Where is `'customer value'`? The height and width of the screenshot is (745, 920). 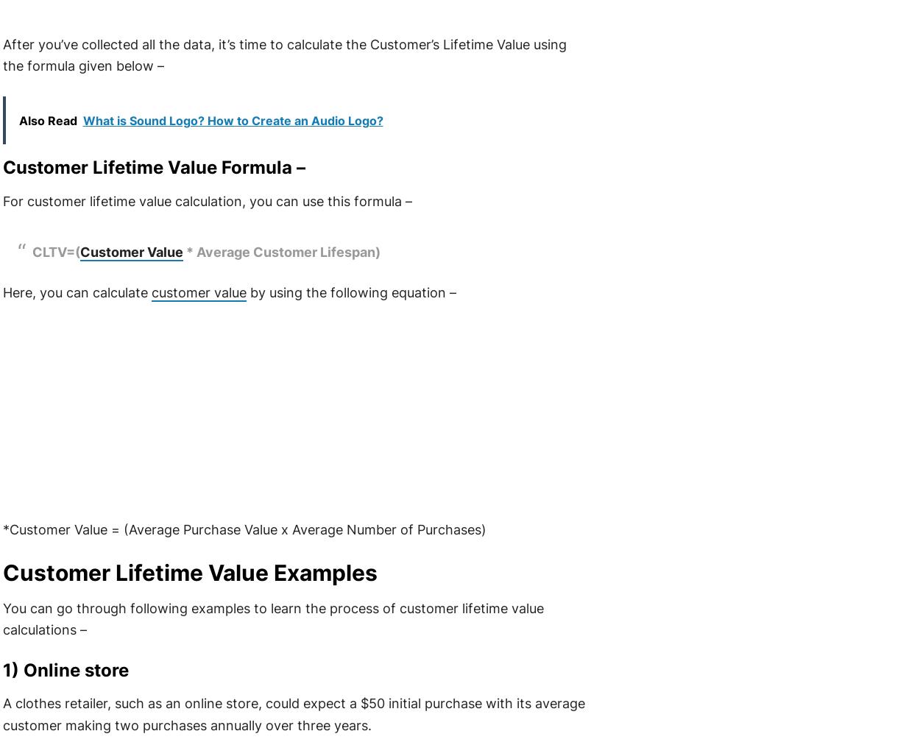 'customer value' is located at coordinates (198, 292).